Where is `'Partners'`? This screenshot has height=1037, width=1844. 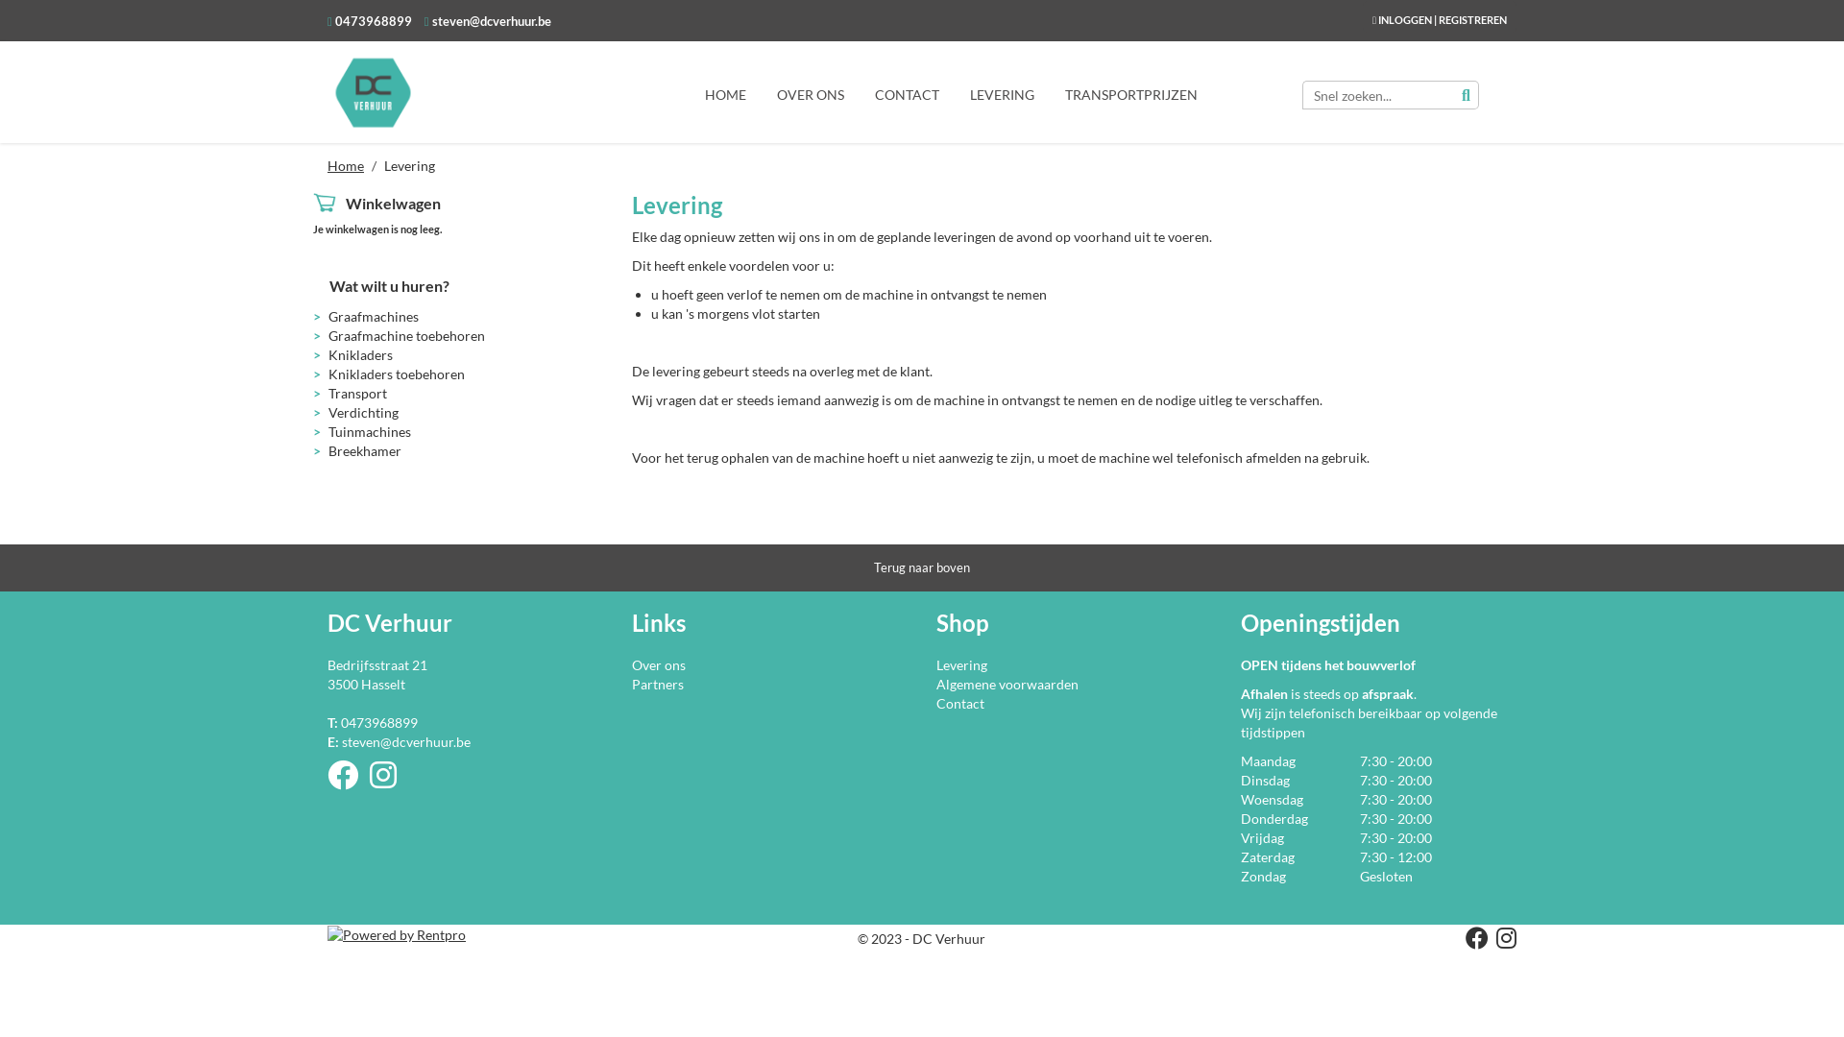
'Partners' is located at coordinates (631, 683).